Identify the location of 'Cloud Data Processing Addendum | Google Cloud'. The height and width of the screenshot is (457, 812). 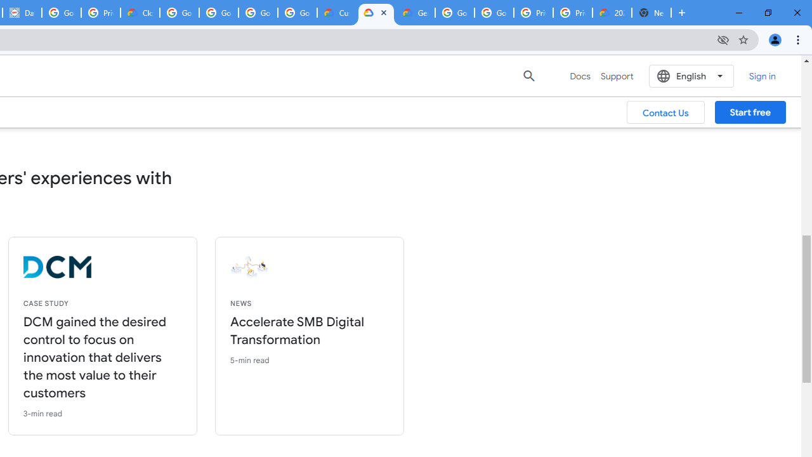
(140, 13).